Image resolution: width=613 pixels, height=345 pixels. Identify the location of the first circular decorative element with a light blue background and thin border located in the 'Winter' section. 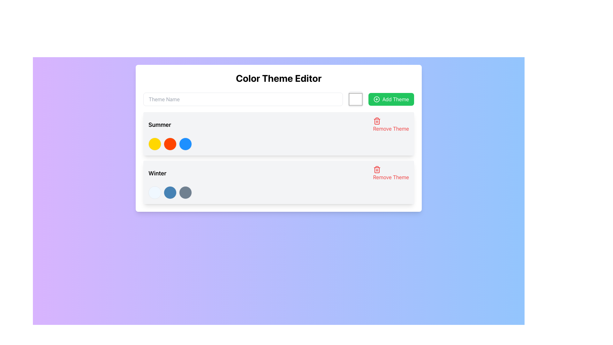
(155, 192).